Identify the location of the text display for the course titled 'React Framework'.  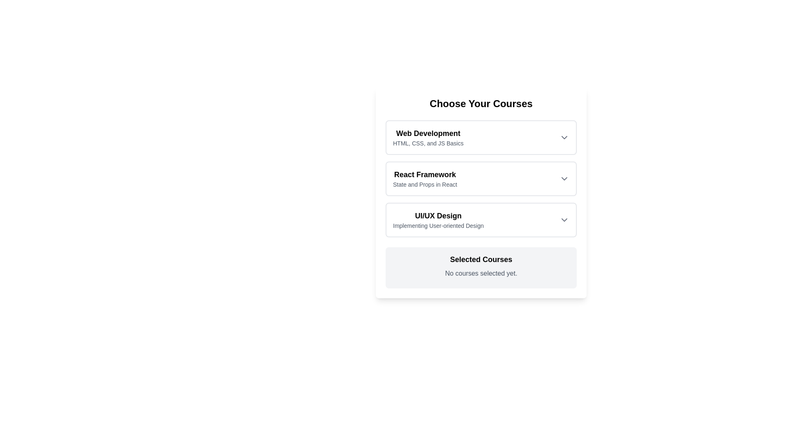
(425, 178).